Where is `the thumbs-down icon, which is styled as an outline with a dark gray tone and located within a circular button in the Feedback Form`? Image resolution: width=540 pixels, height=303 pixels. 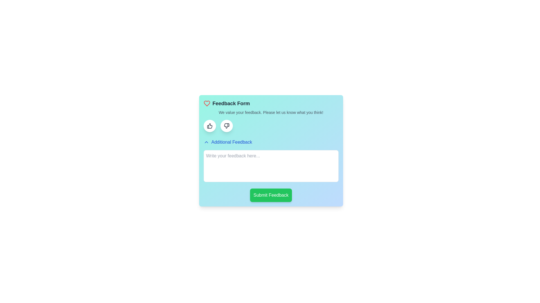 the thumbs-down icon, which is styled as an outline with a dark gray tone and located within a circular button in the Feedback Form is located at coordinates (226, 125).